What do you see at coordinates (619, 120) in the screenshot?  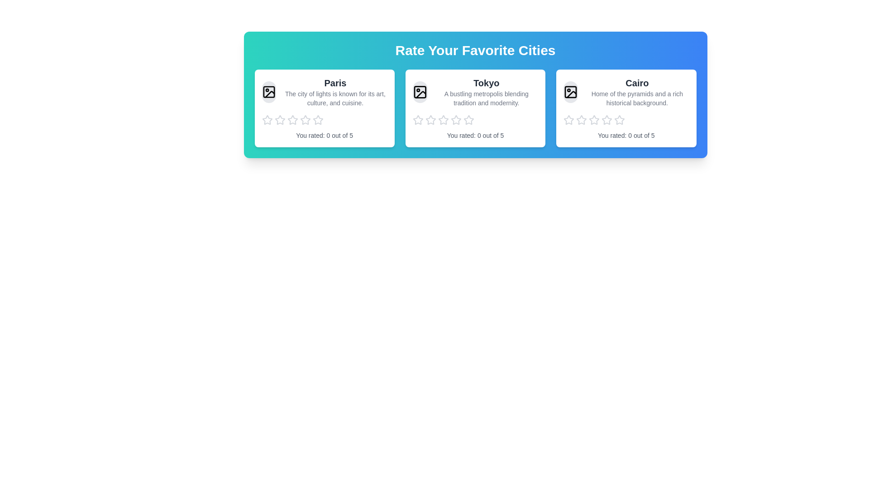 I see `the fifth star icon in the 'Cairo' rating card` at bounding box center [619, 120].